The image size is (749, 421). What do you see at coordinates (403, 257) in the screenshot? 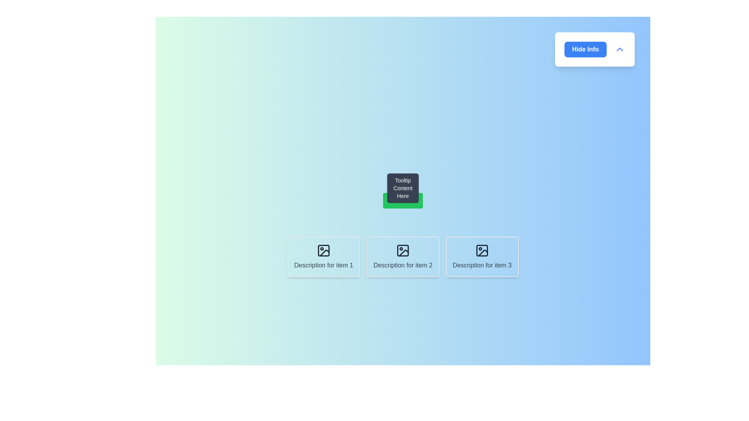
I see `the second card component in the horizontal grid that contains an image icon and the text 'Description for item 2'` at bounding box center [403, 257].